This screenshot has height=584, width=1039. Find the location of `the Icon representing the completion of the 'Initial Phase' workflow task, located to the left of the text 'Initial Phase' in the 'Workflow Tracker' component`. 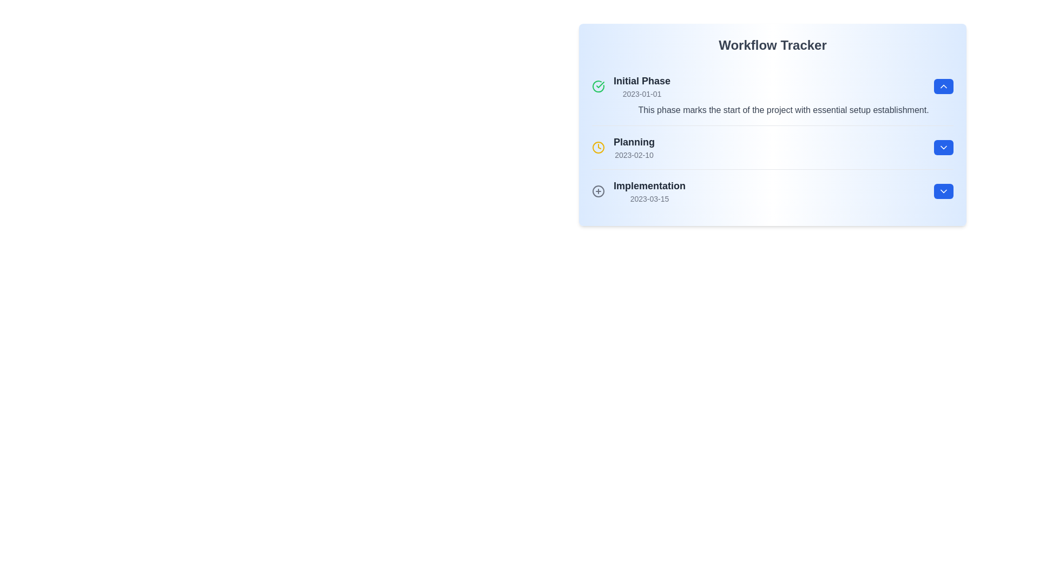

the Icon representing the completion of the 'Initial Phase' workflow task, located to the left of the text 'Initial Phase' in the 'Workflow Tracker' component is located at coordinates (597, 85).